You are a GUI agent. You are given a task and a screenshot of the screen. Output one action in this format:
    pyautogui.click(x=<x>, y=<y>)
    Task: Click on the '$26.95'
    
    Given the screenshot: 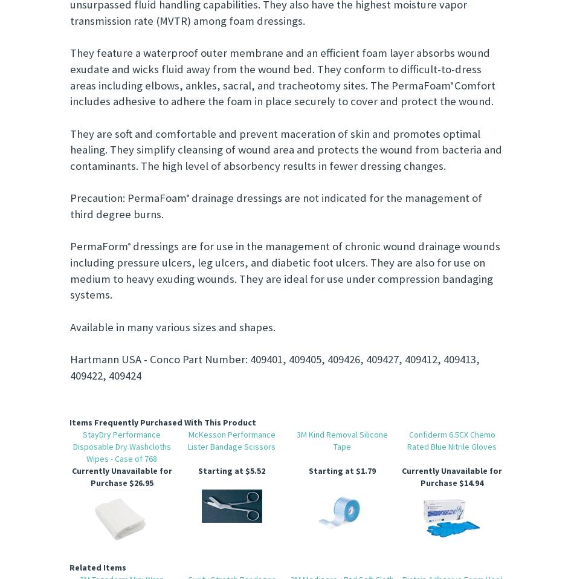 What is the action you would take?
    pyautogui.click(x=140, y=482)
    